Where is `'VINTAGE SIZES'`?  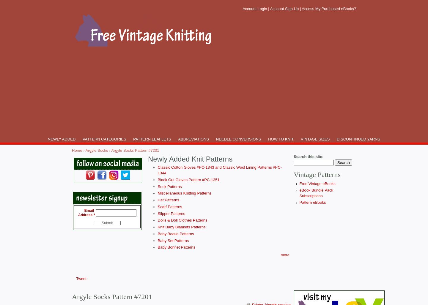 'VINTAGE SIZES' is located at coordinates (315, 139).